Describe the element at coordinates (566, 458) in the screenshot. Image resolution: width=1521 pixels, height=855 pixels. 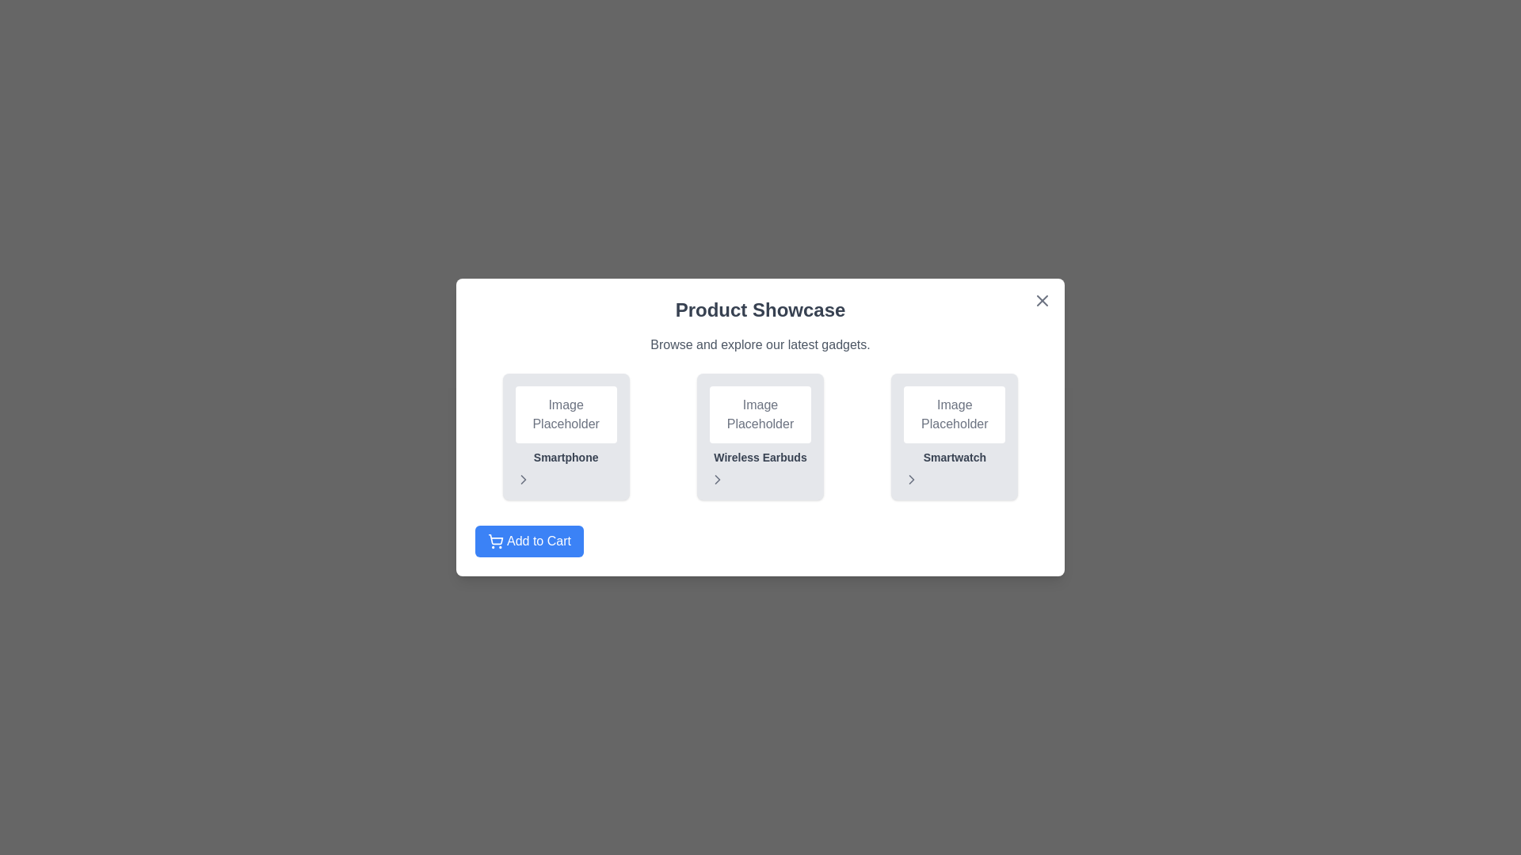
I see `the text label displaying 'Smartphone' located below the image placeholder in the card component` at that location.